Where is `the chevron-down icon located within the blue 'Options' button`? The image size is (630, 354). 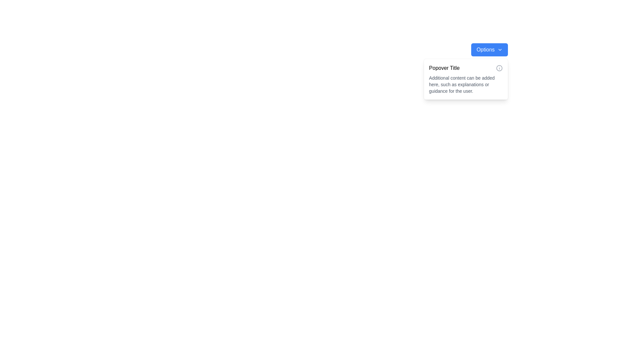 the chevron-down icon located within the blue 'Options' button is located at coordinates (499, 49).